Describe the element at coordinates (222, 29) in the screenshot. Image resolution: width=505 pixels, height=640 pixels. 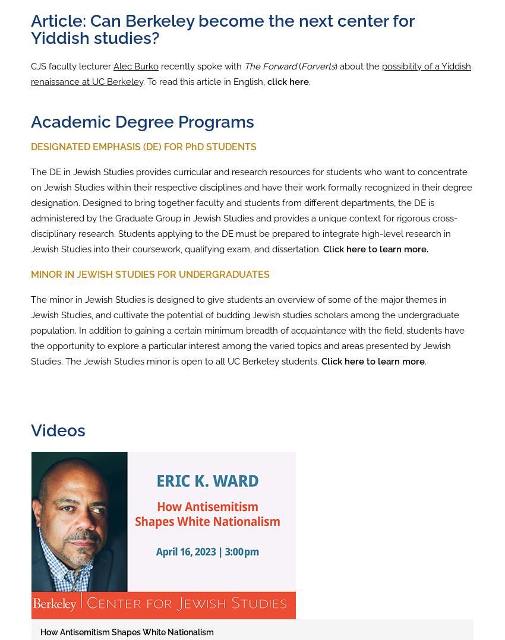
I see `'Article: Can Berkeley become the next center for Yiddish studies?'` at that location.